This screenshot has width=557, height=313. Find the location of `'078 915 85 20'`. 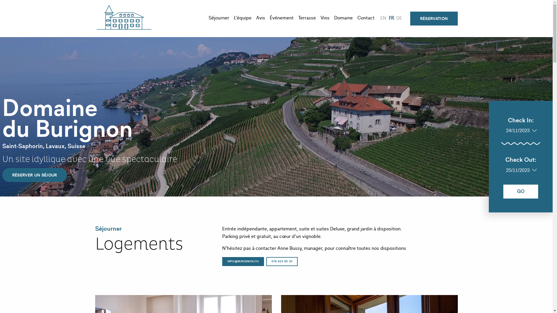

'078 915 85 20' is located at coordinates (282, 261).